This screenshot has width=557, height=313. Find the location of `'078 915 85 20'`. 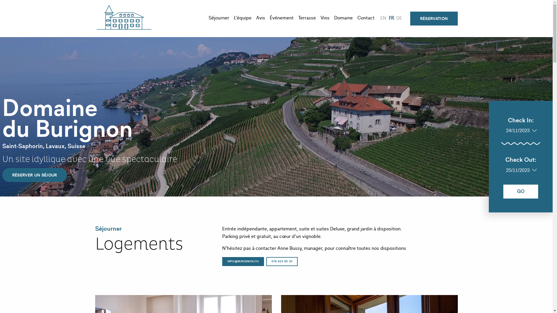

'078 915 85 20' is located at coordinates (282, 261).